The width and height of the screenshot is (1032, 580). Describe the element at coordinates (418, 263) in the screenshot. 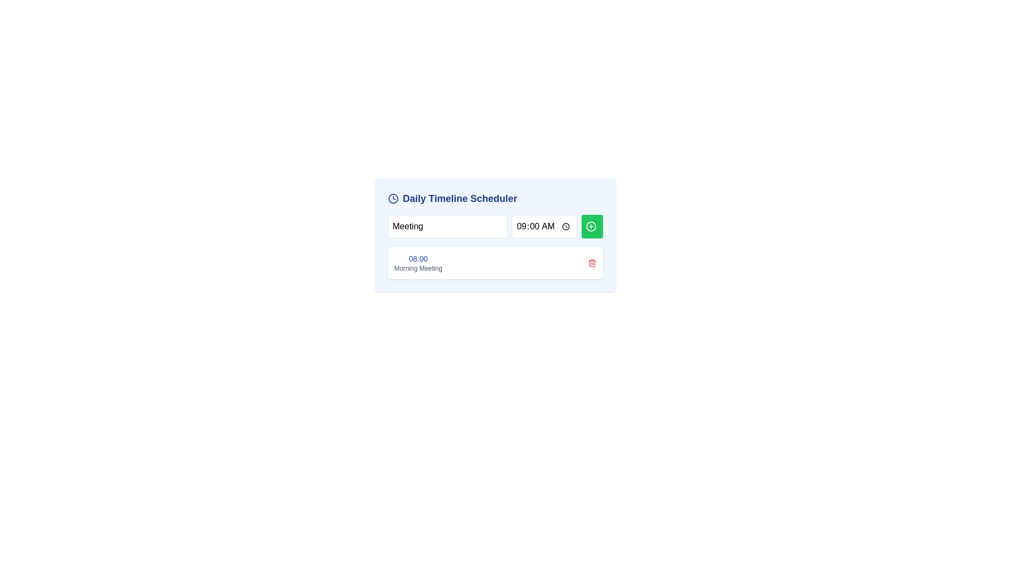

I see `the textual information display showing a scheduled event, which is part of a scheduling interface within a white card element` at that location.